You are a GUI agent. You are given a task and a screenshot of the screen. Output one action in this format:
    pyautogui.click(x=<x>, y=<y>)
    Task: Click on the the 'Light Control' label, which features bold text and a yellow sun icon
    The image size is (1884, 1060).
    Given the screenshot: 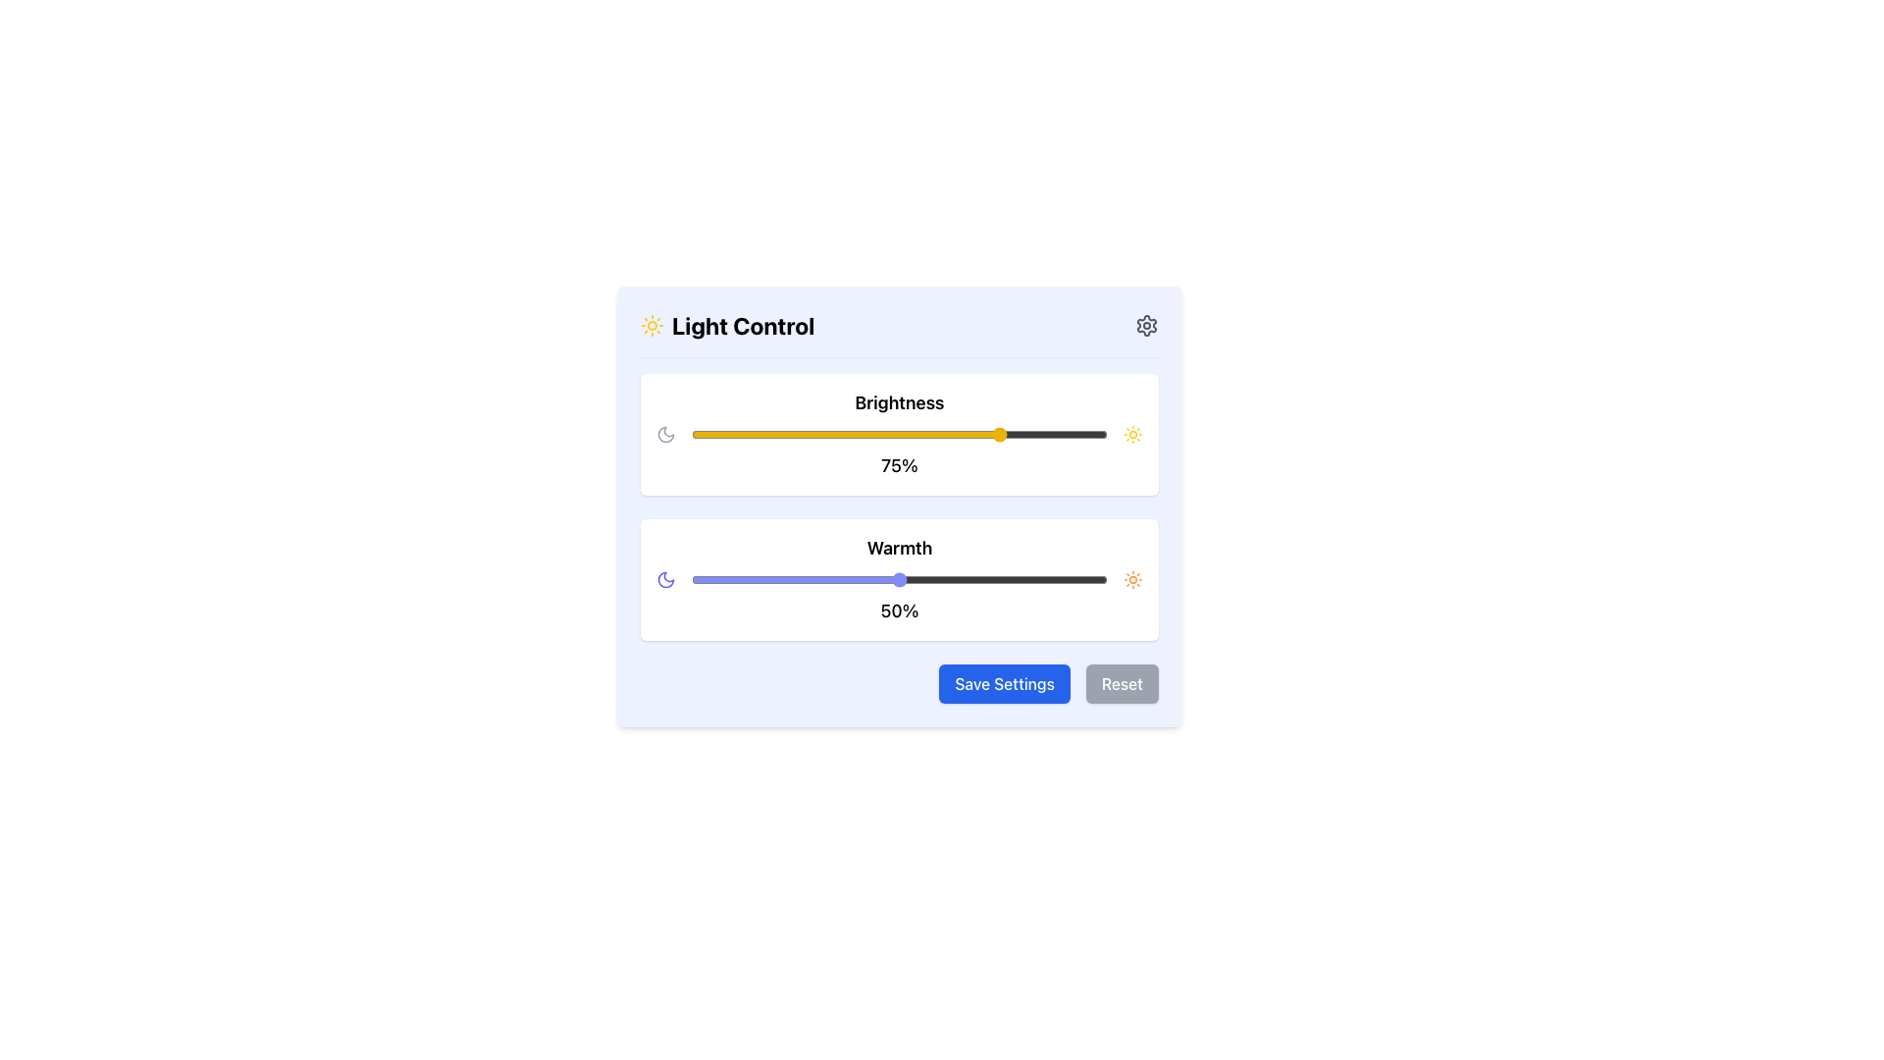 What is the action you would take?
    pyautogui.click(x=726, y=324)
    